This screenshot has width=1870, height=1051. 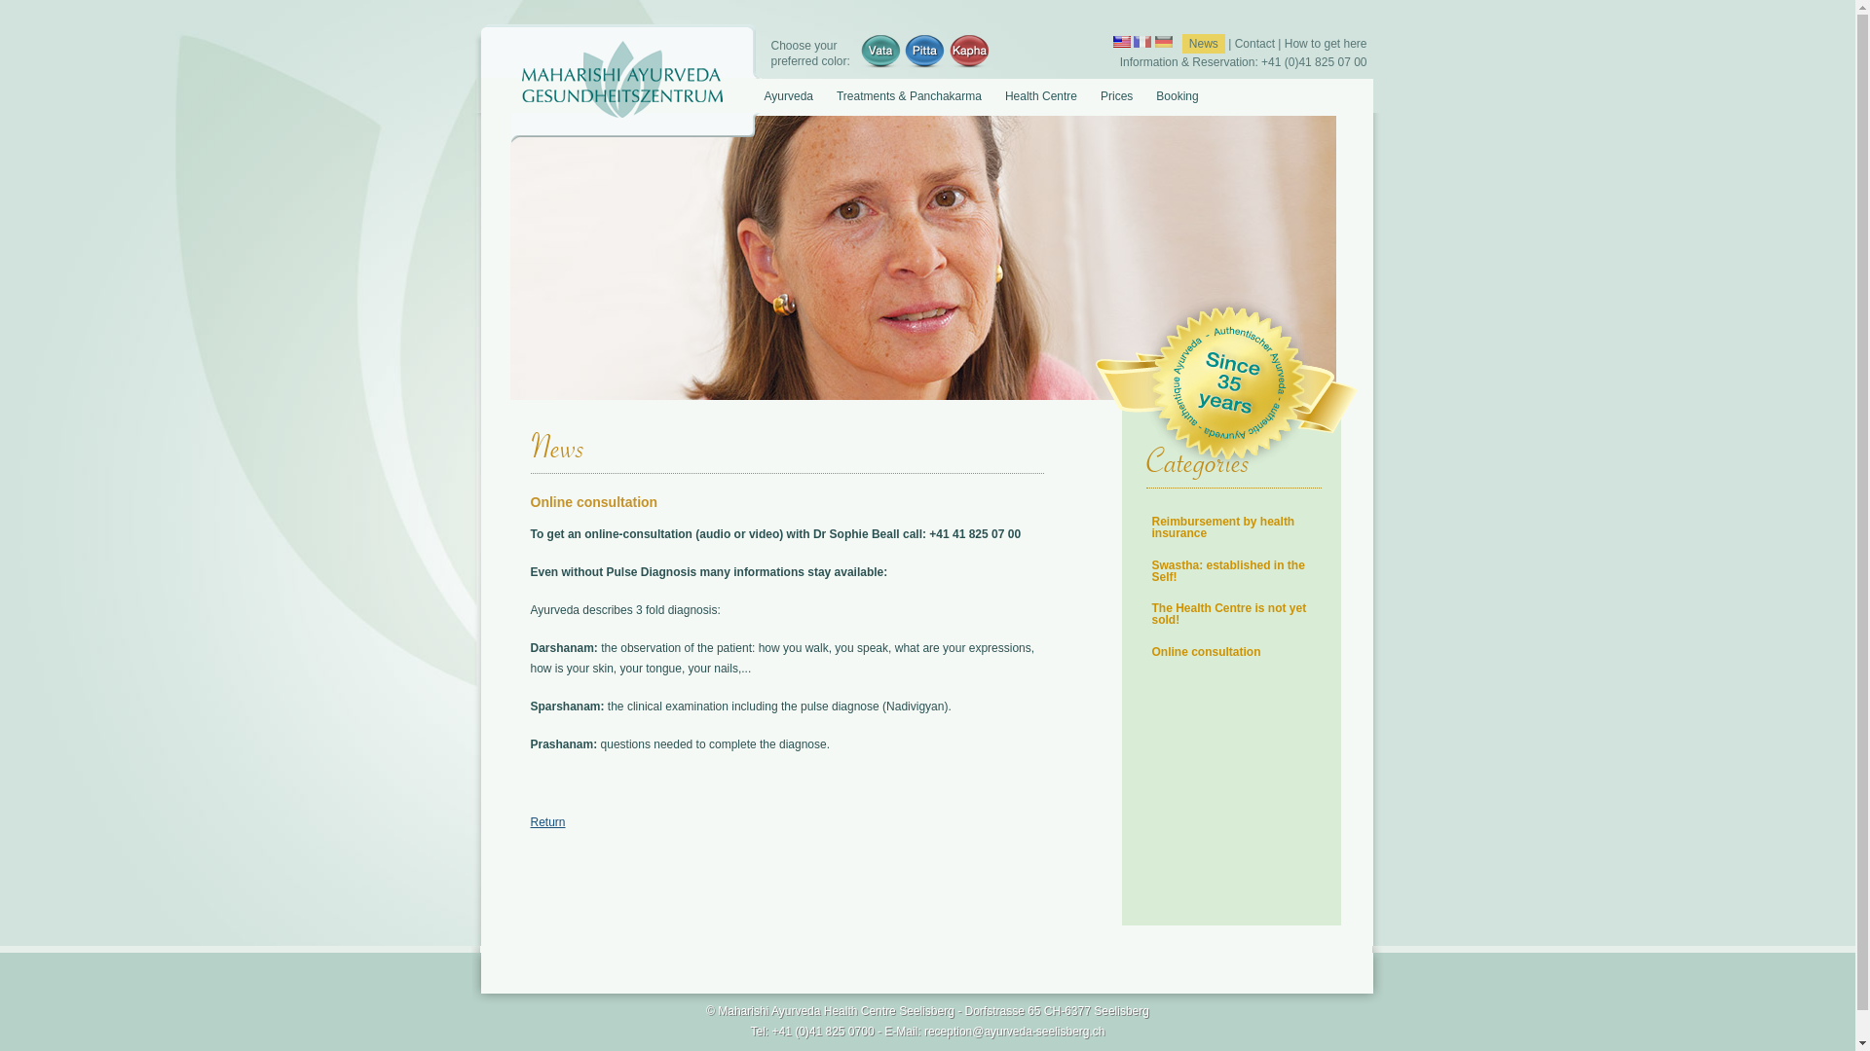 What do you see at coordinates (1227, 614) in the screenshot?
I see `'The Health Centre is not yet sold!'` at bounding box center [1227, 614].